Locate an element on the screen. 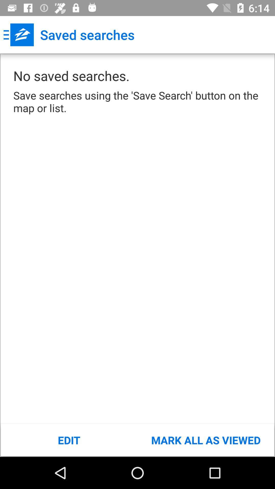  the icon below save searches using icon is located at coordinates (69, 440).